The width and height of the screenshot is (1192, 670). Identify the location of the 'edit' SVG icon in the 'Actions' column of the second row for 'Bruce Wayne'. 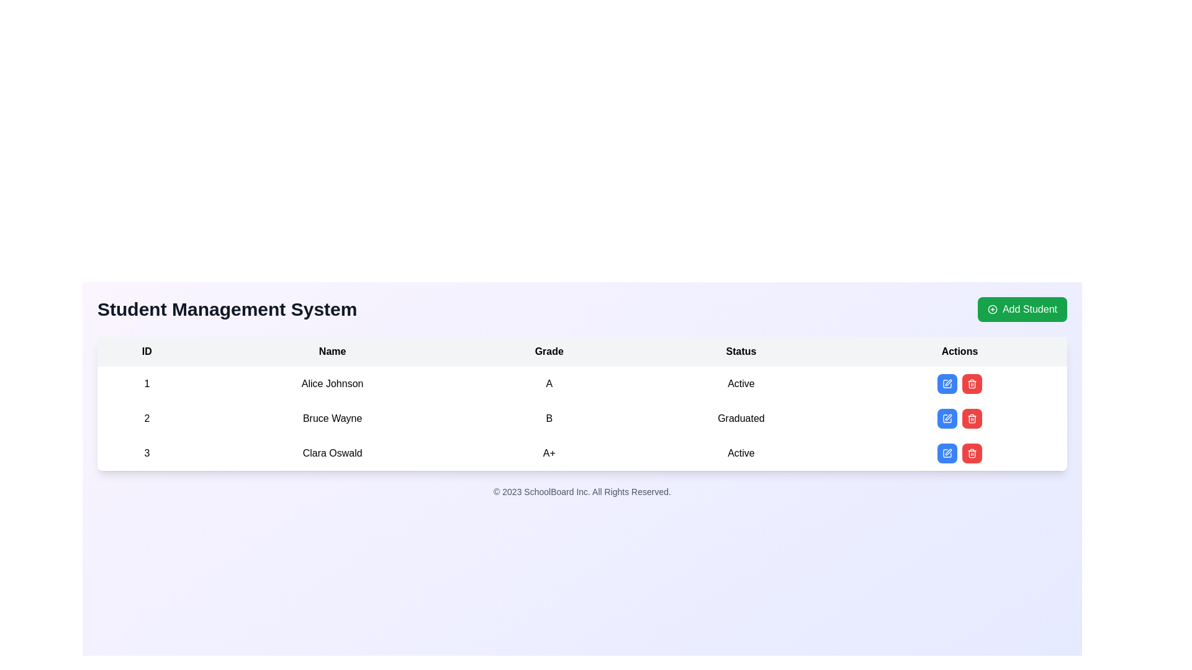
(947, 419).